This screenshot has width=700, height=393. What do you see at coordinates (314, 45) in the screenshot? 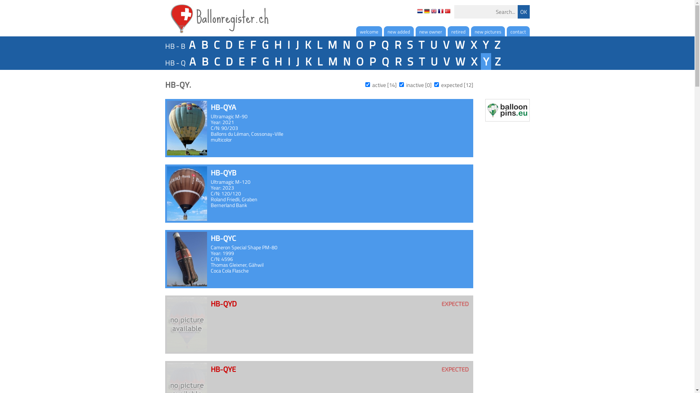
I see `'L'` at bounding box center [314, 45].